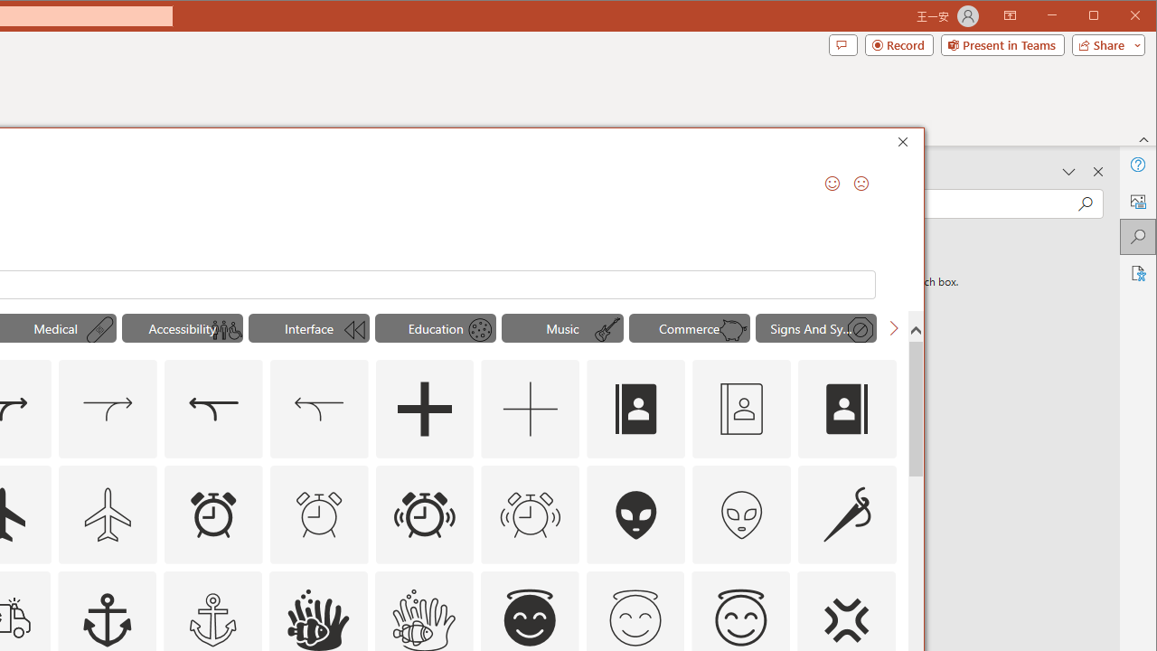 The image size is (1157, 651). Describe the element at coordinates (99, 330) in the screenshot. I see `'AutomationID: Icons_AdhesiveBandage_M'` at that location.